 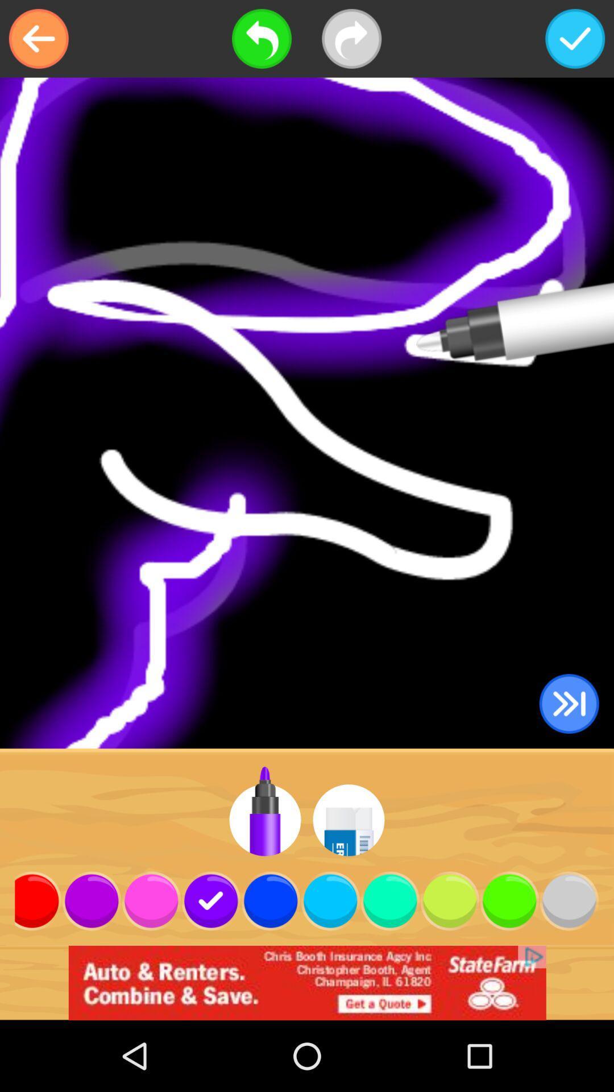 What do you see at coordinates (262, 39) in the screenshot?
I see `the undo icon` at bounding box center [262, 39].